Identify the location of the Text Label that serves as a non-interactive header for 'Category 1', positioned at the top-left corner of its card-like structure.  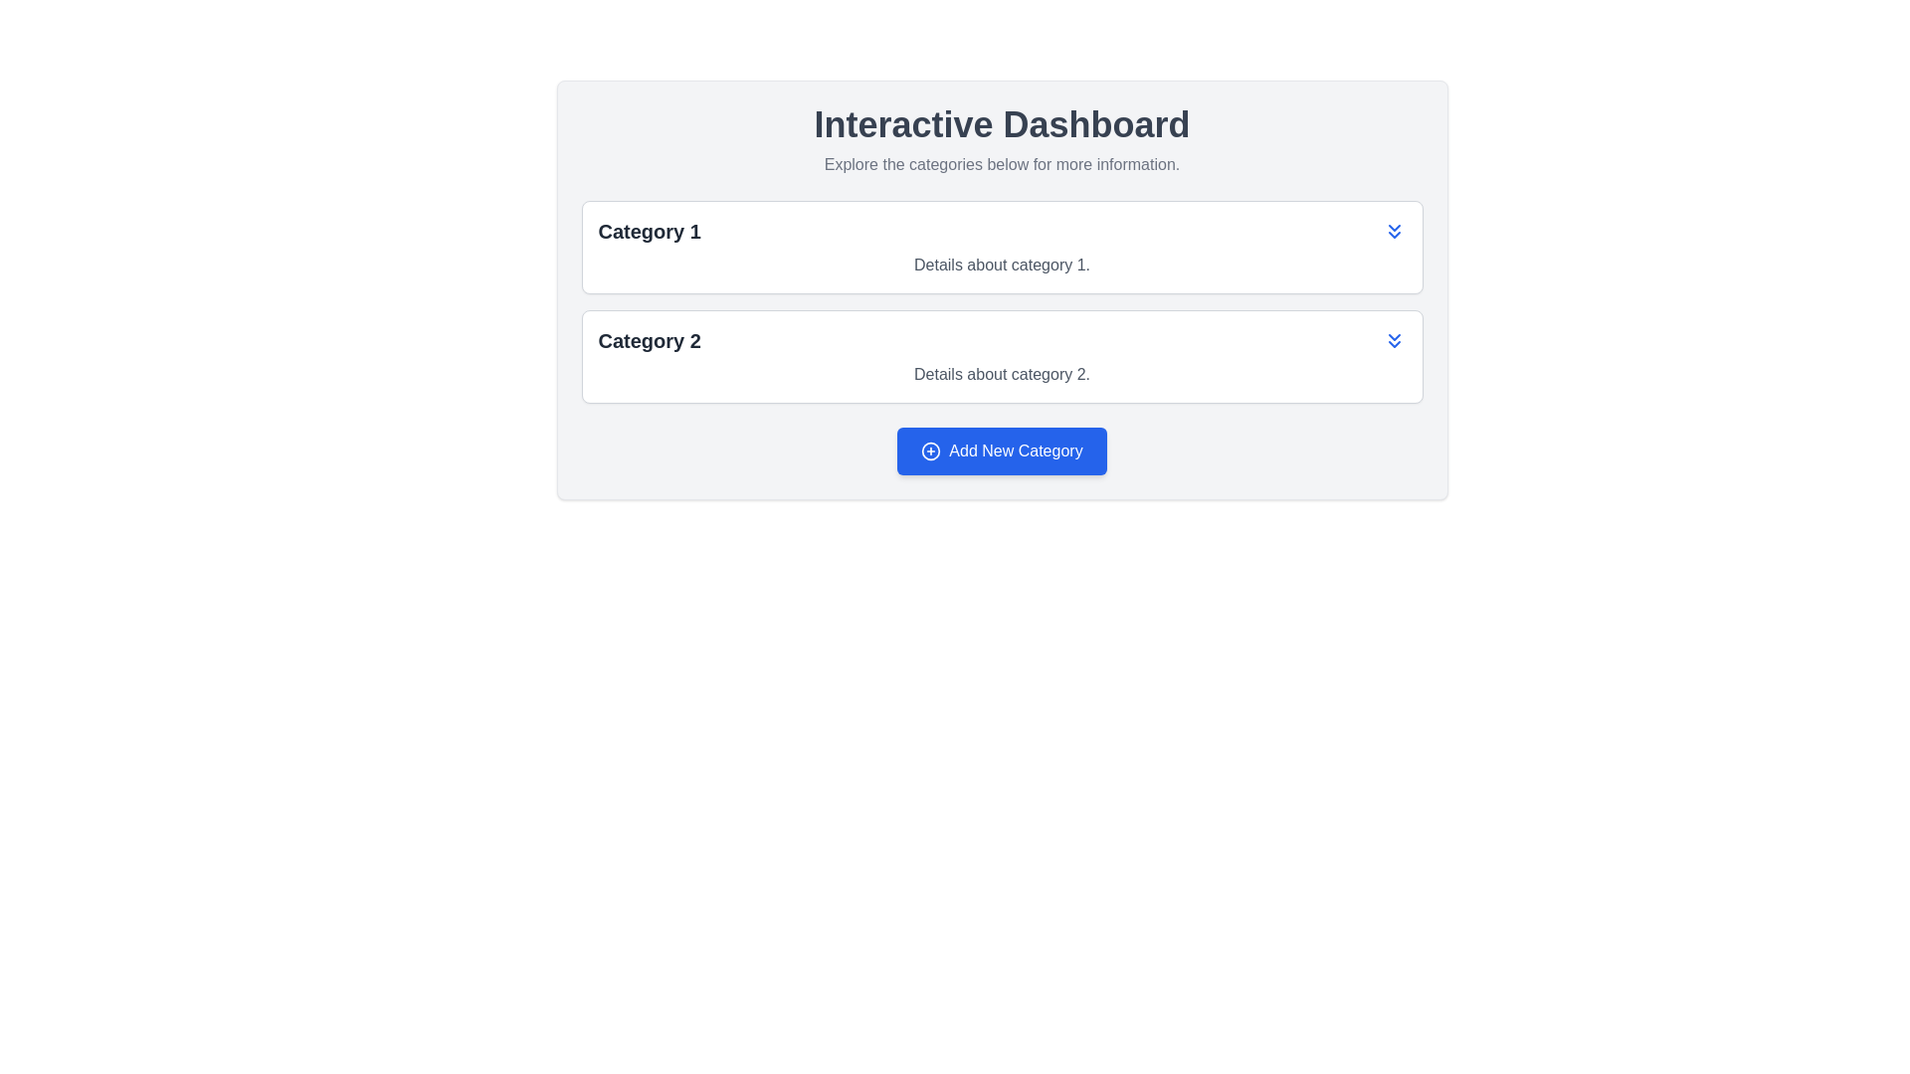
(650, 230).